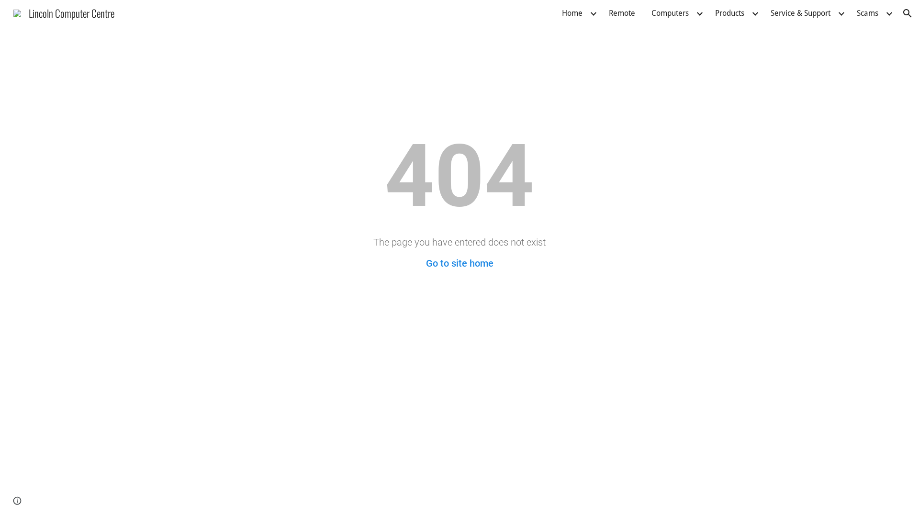 This screenshot has height=517, width=919. What do you see at coordinates (729, 13) in the screenshot?
I see `'Products'` at bounding box center [729, 13].